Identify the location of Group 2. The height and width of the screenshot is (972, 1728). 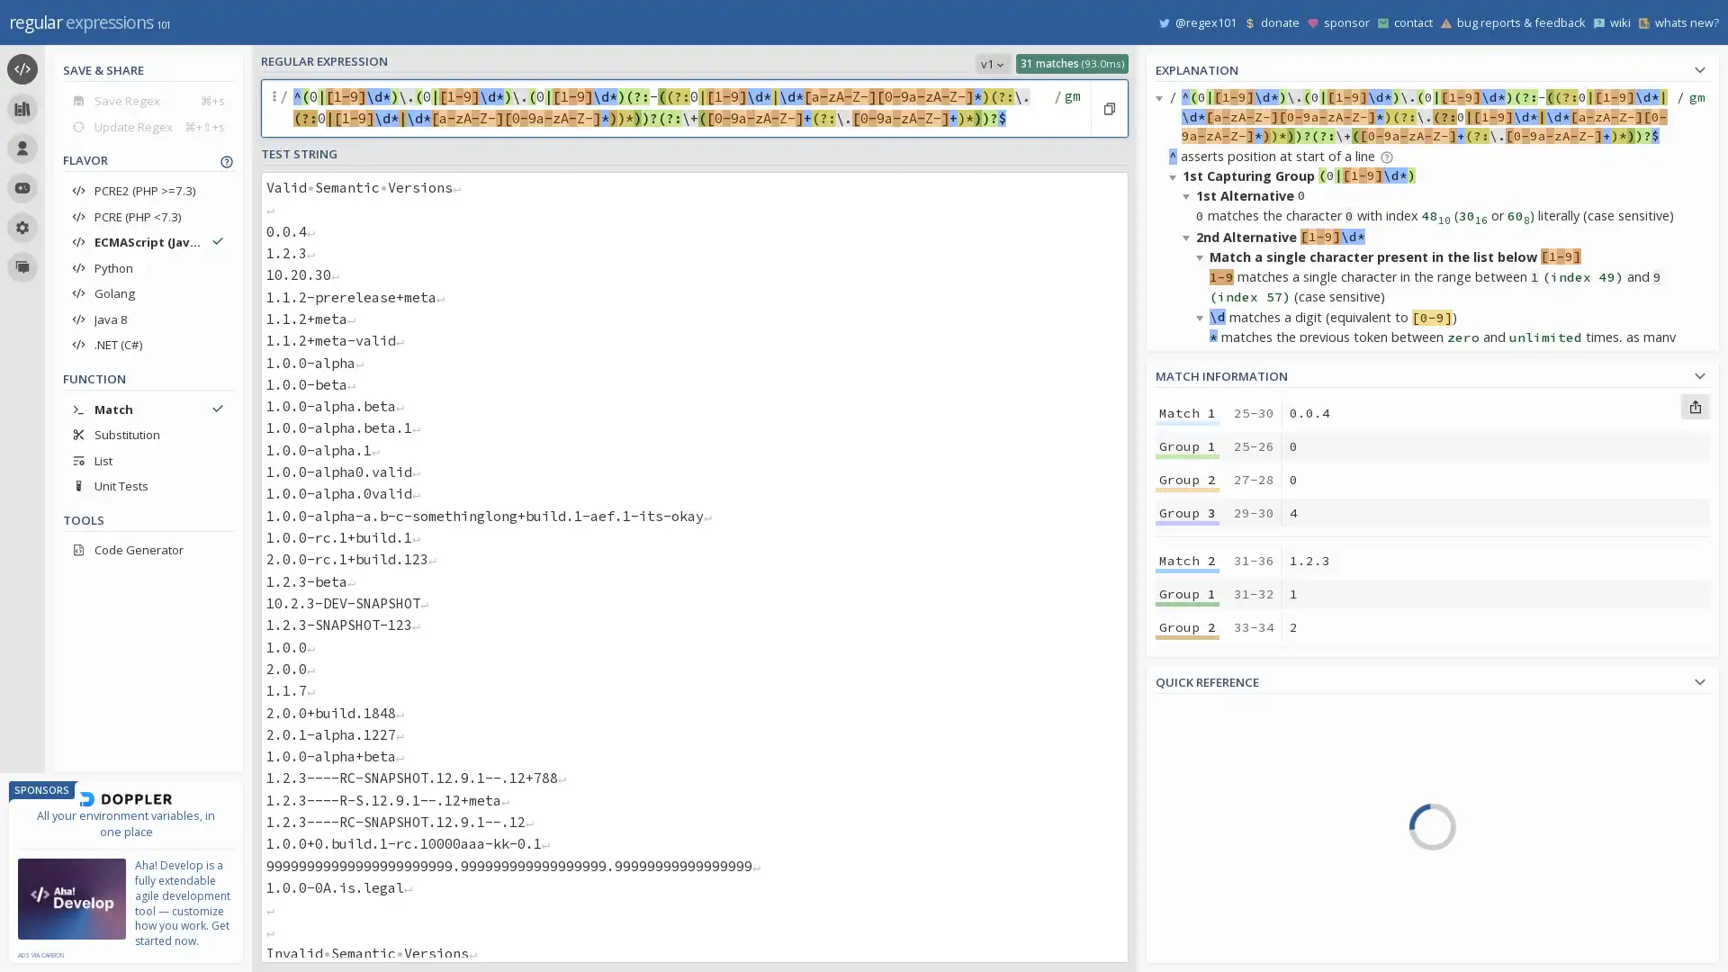
(1187, 478).